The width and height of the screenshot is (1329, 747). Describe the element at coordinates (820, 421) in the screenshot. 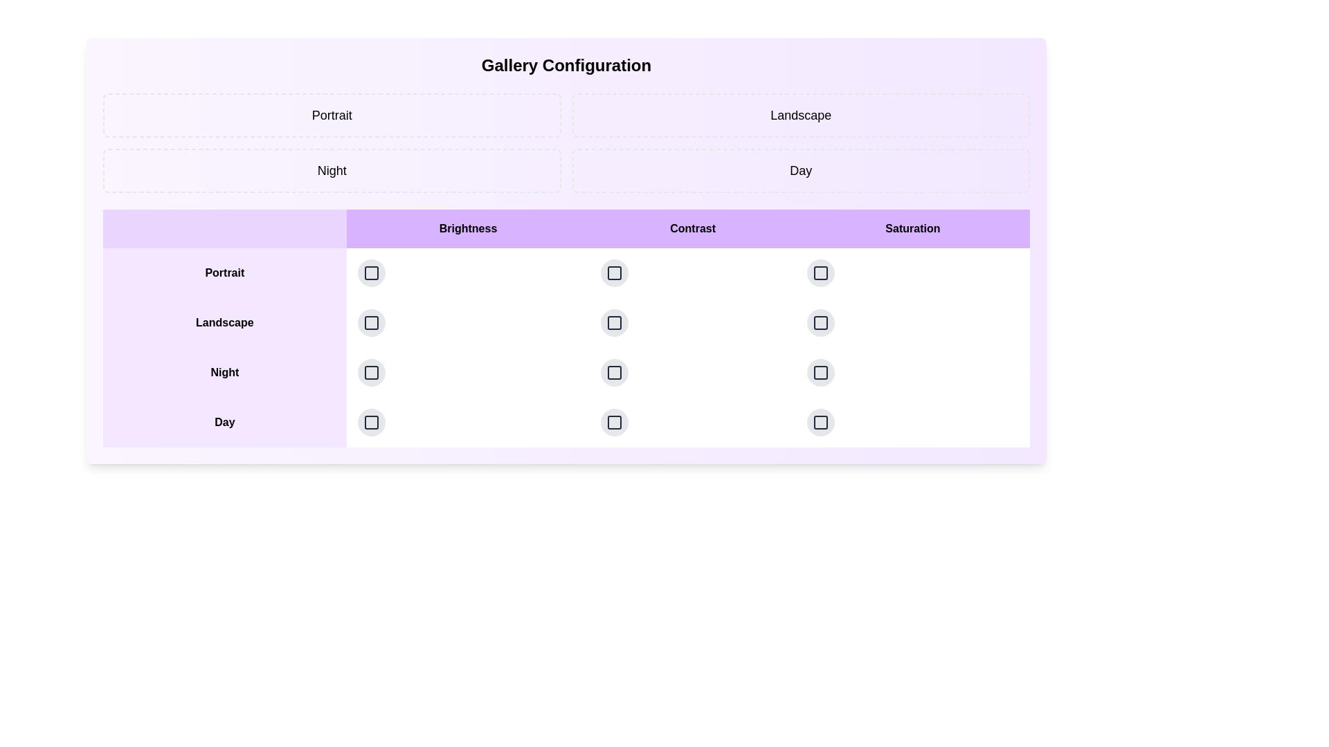

I see `the checkbox located at the intersection of the 'Day' row and 'Saturation' column` at that location.